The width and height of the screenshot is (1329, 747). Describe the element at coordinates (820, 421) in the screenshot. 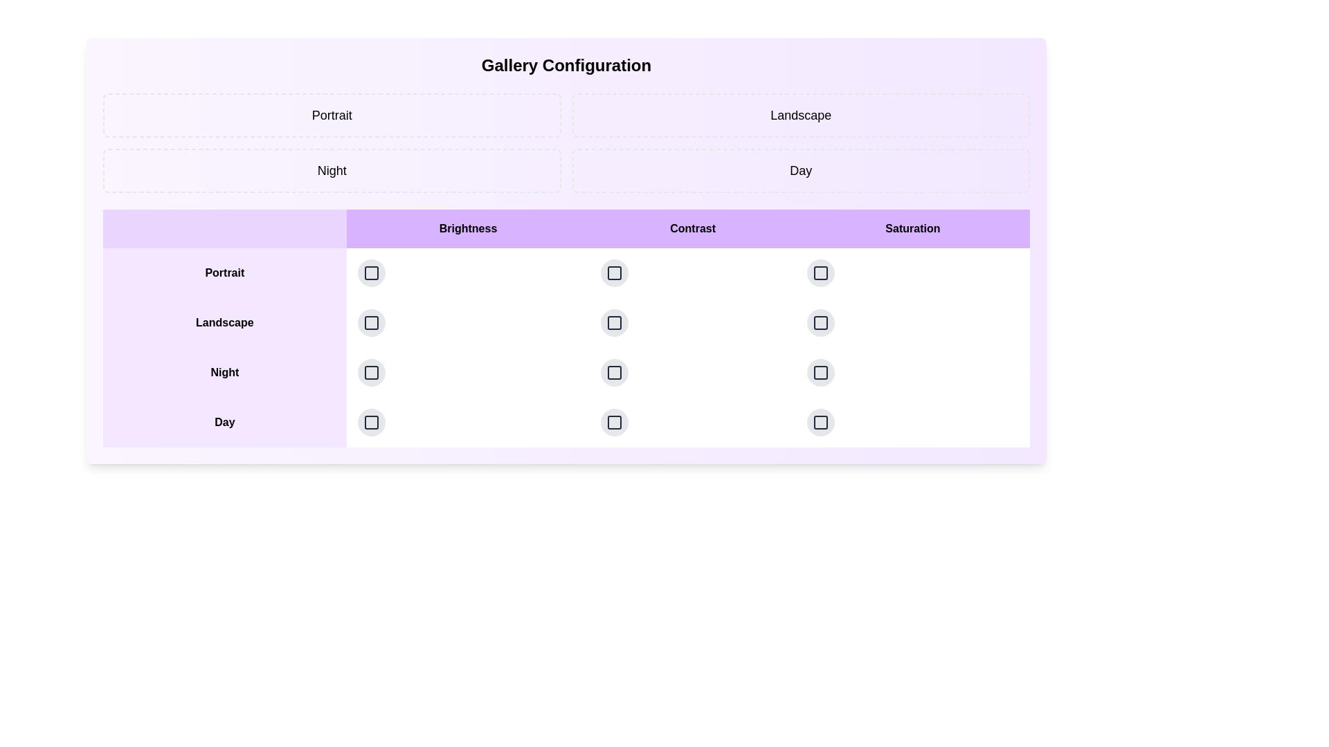

I see `the checkbox located at the intersection of the 'Day' row and 'Saturation' column` at that location.